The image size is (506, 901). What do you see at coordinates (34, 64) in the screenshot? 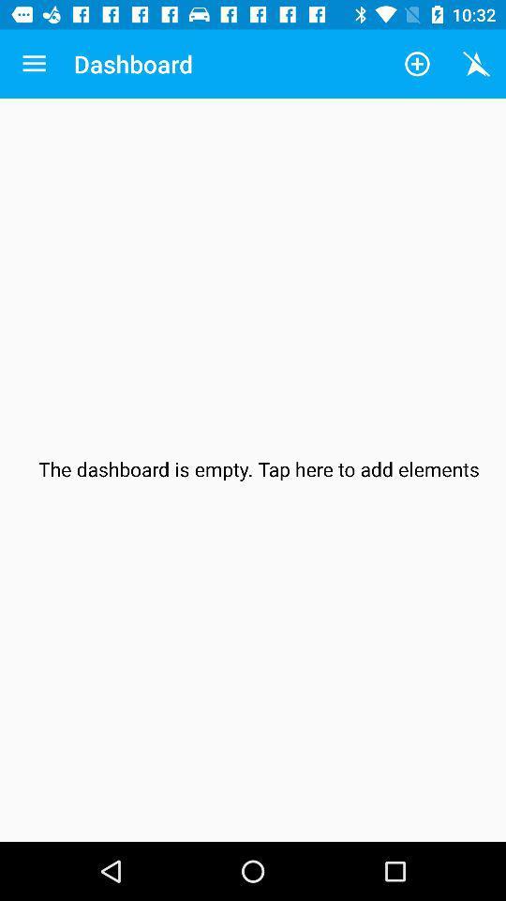
I see `the icon next to dashboard app` at bounding box center [34, 64].